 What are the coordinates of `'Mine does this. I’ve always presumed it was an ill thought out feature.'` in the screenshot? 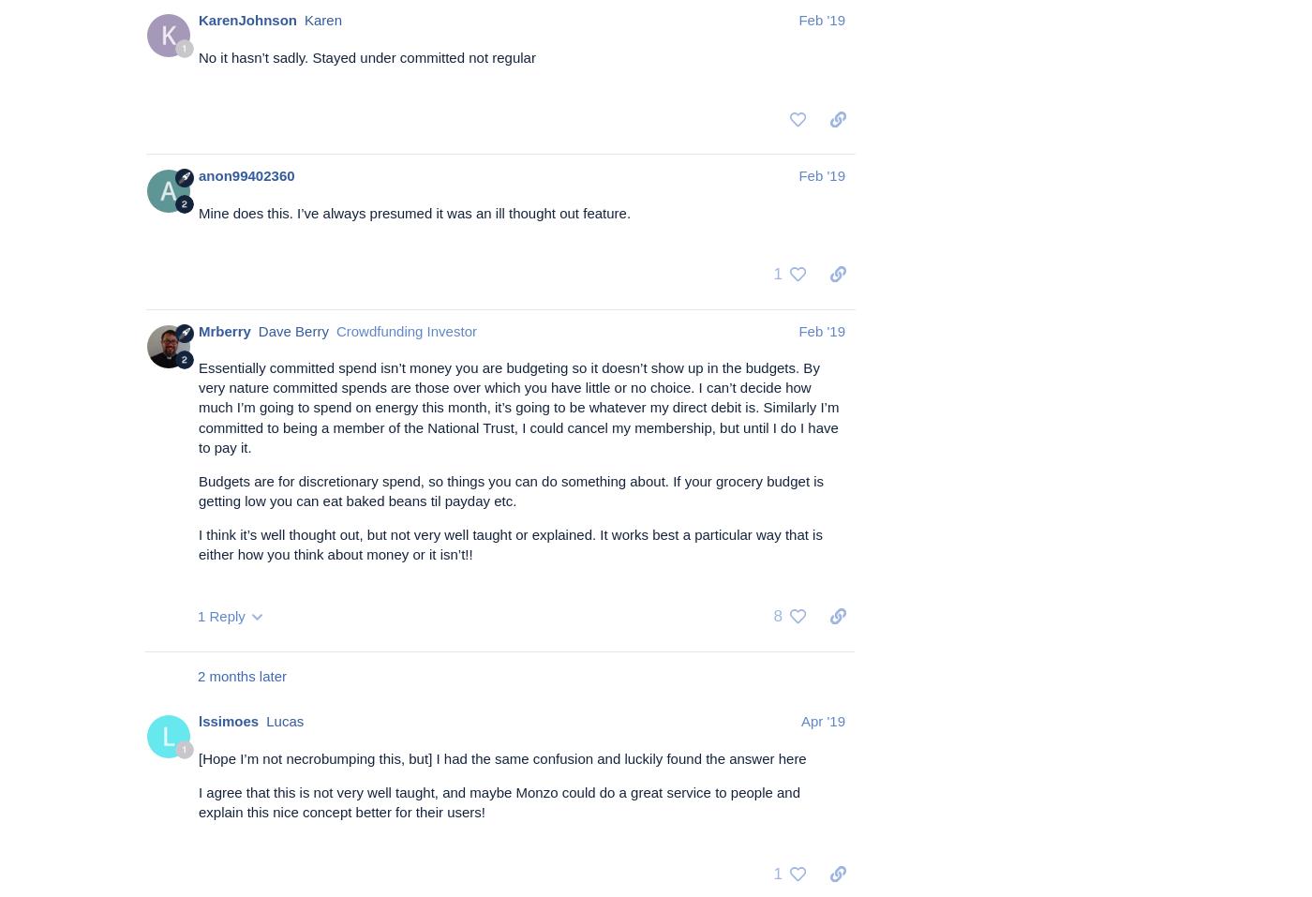 It's located at (198, 211).